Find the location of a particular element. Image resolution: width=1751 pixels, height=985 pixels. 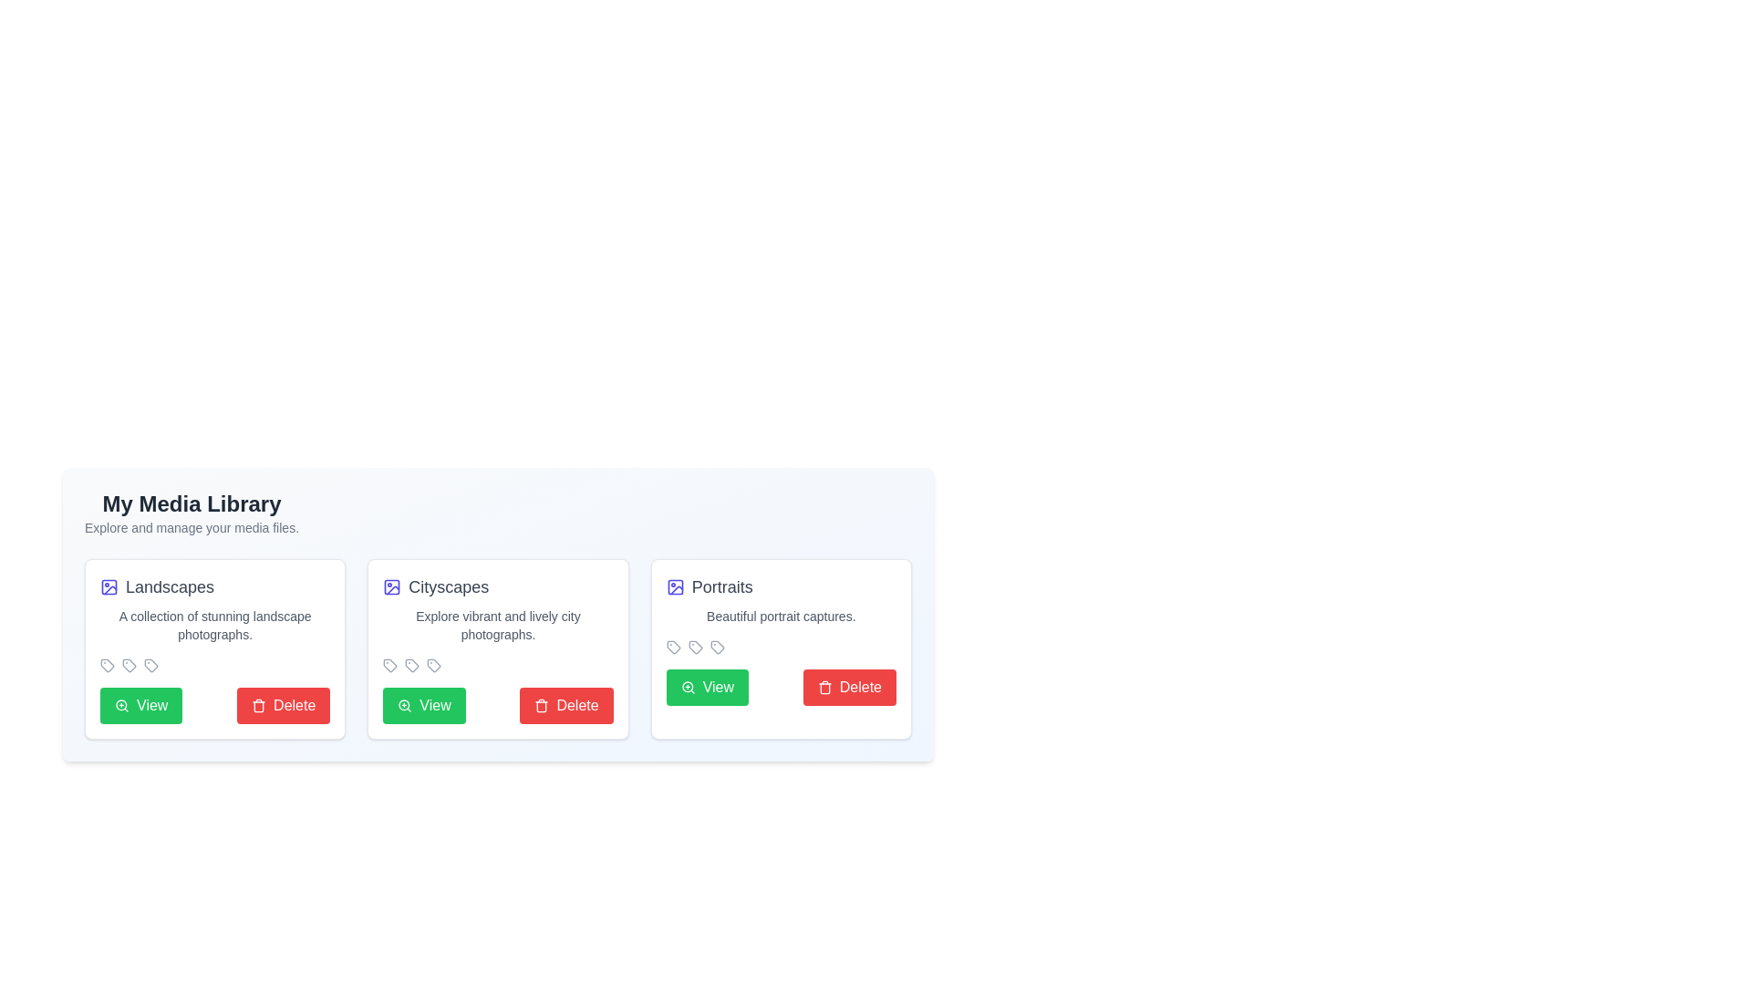

displayed text of the 'Delete' label within the 'Delete' button located at the bottom right of the 'Landscapes' media card is located at coordinates (295, 705).